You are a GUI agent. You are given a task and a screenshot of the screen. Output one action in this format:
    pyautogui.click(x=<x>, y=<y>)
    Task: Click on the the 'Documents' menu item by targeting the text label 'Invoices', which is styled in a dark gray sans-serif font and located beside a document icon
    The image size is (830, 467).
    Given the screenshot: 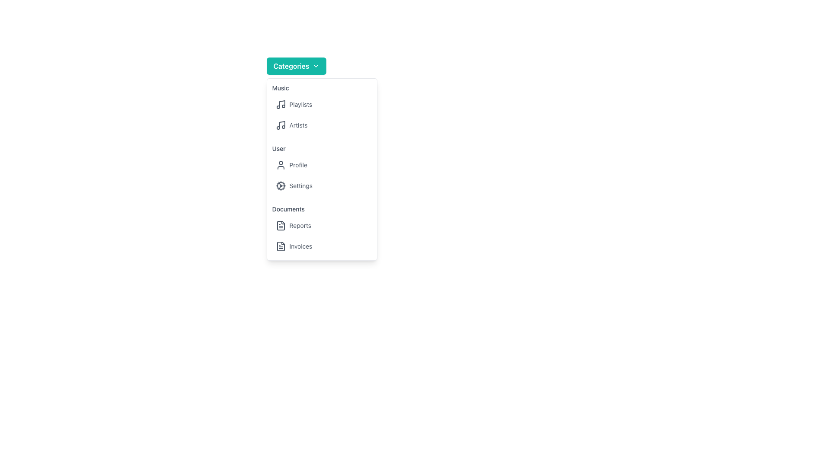 What is the action you would take?
    pyautogui.click(x=301, y=246)
    